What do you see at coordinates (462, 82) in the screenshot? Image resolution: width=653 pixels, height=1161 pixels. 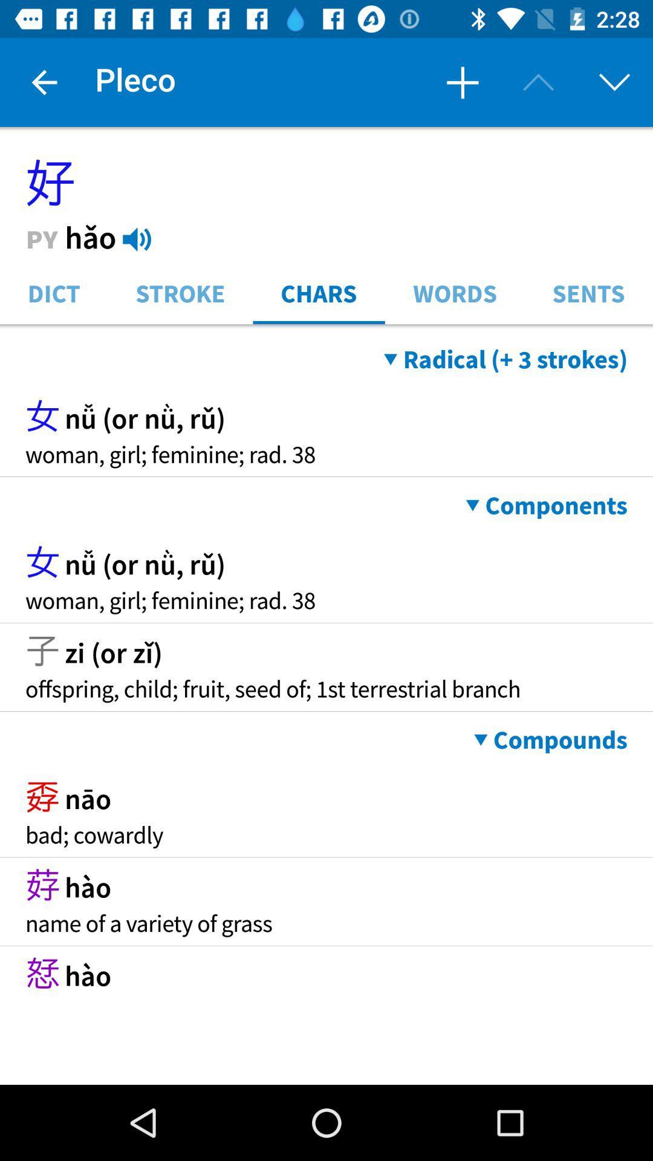 I see `the icon to the right of the pleco` at bounding box center [462, 82].